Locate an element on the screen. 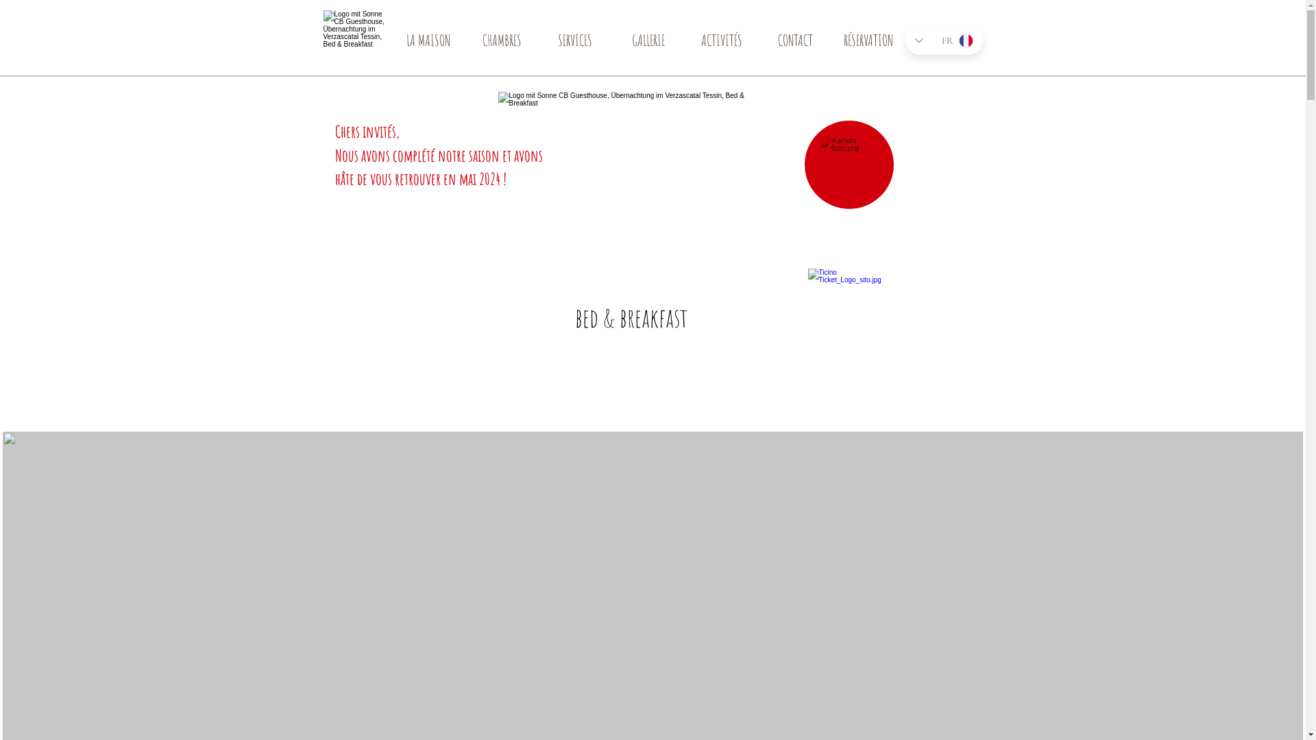 This screenshot has width=1316, height=740. 'SERVICES' is located at coordinates (575, 44).